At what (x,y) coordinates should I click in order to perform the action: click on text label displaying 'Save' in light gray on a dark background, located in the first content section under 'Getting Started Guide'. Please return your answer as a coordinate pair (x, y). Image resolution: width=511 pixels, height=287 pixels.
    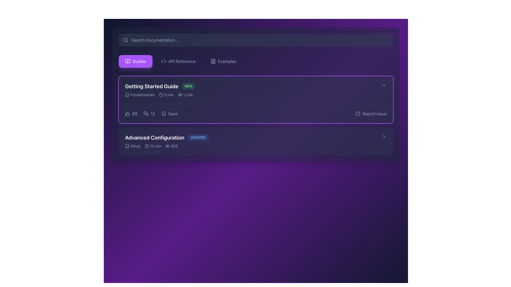
    Looking at the image, I should click on (173, 113).